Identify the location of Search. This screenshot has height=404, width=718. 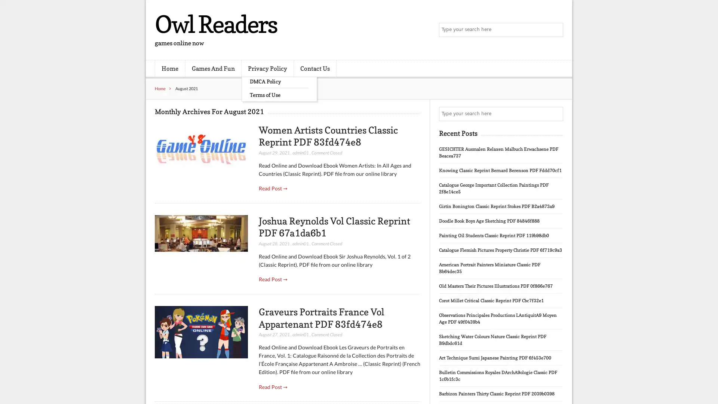
(555, 30).